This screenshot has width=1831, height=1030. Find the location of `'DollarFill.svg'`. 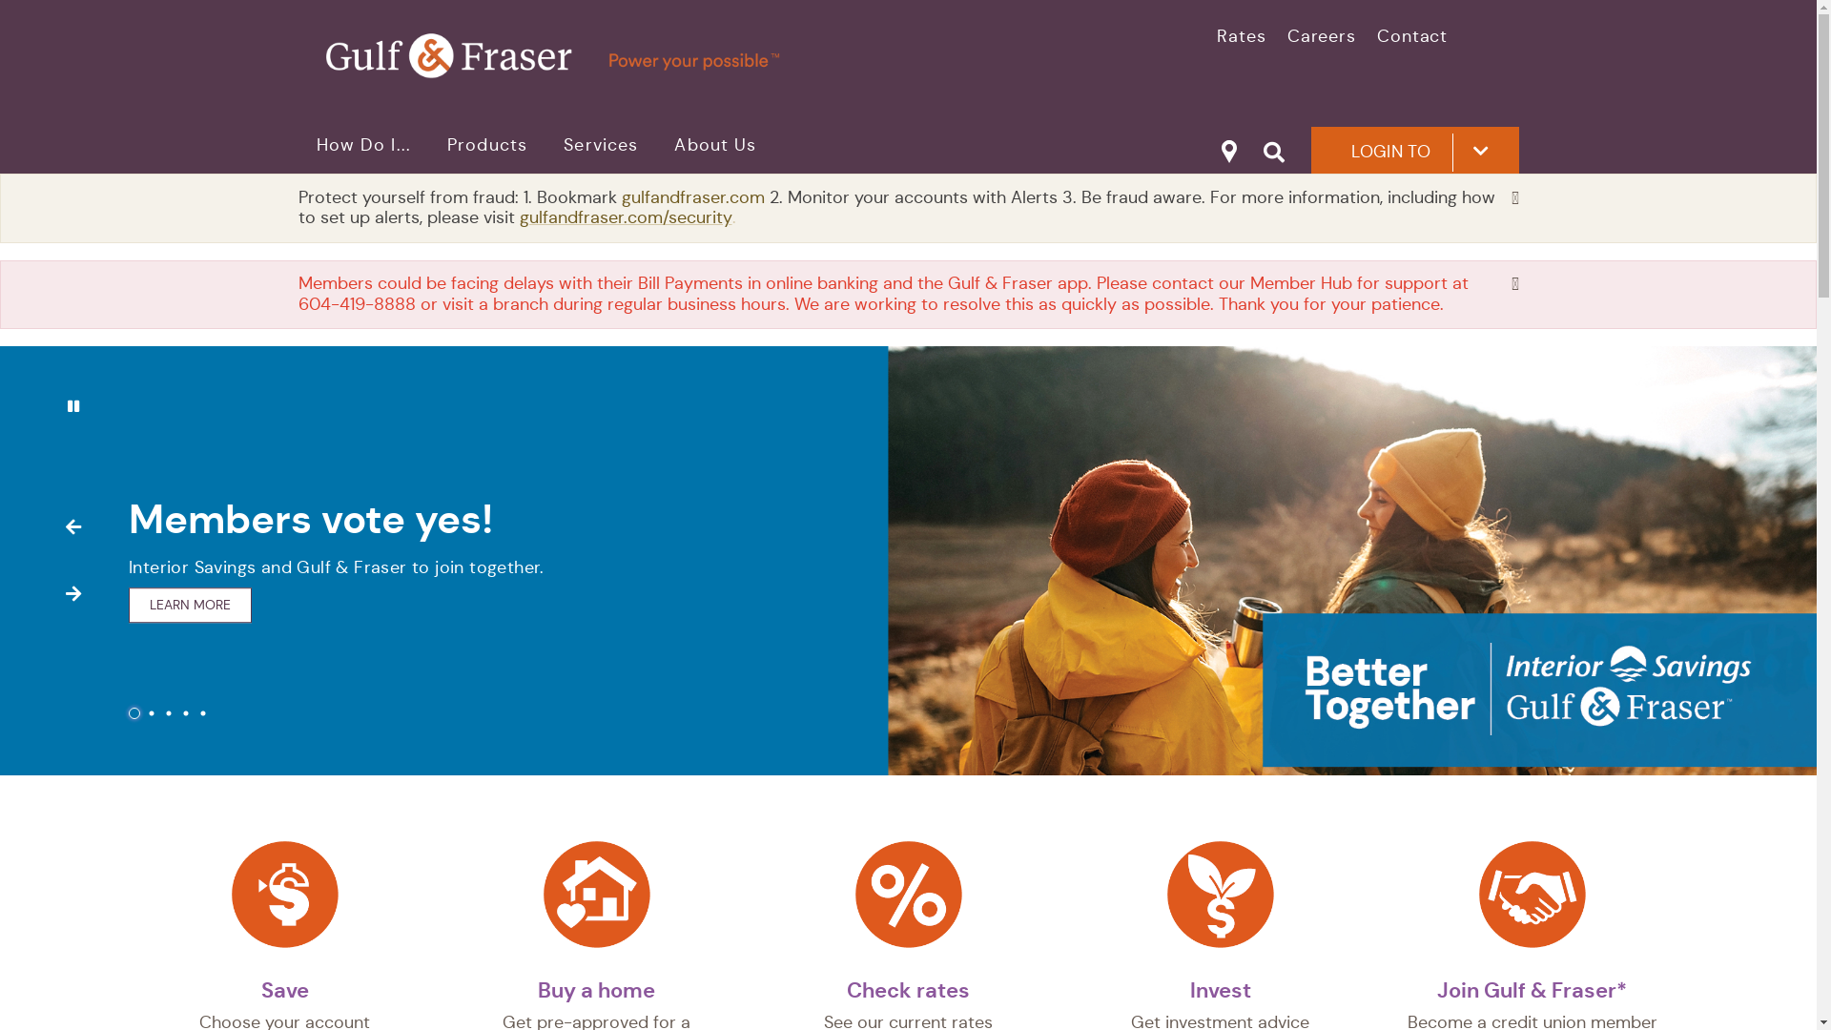

'DollarFill.svg' is located at coordinates (282, 894).